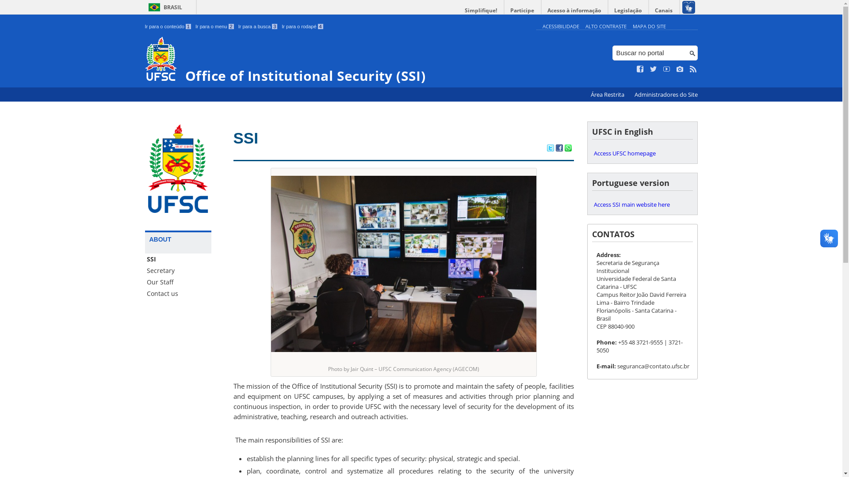 This screenshot has width=849, height=477. I want to click on 'Access SSI main website here', so click(642, 204).